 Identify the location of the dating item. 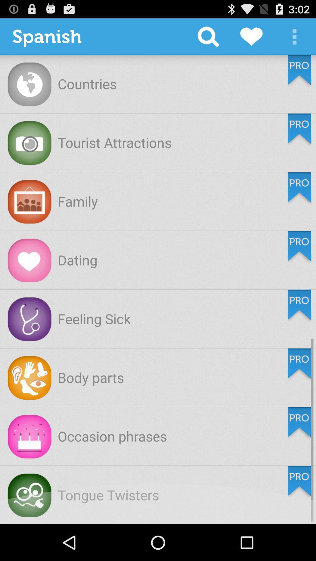
(77, 259).